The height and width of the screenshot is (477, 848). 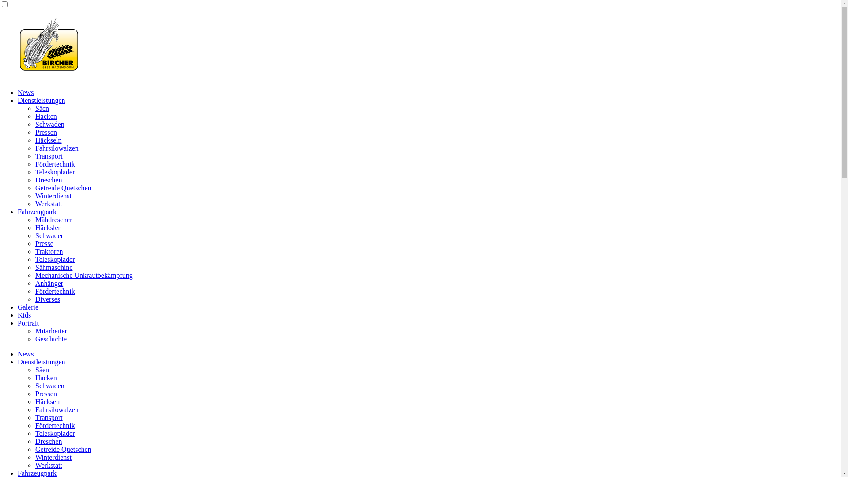 I want to click on 'Fahrsilowalzen', so click(x=57, y=409).